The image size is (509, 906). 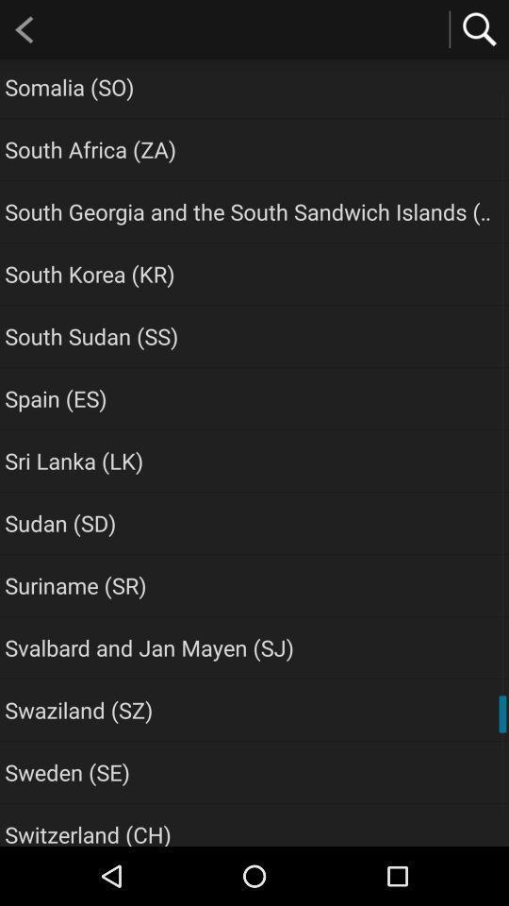 I want to click on the app below svalbard and jan app, so click(x=77, y=709).